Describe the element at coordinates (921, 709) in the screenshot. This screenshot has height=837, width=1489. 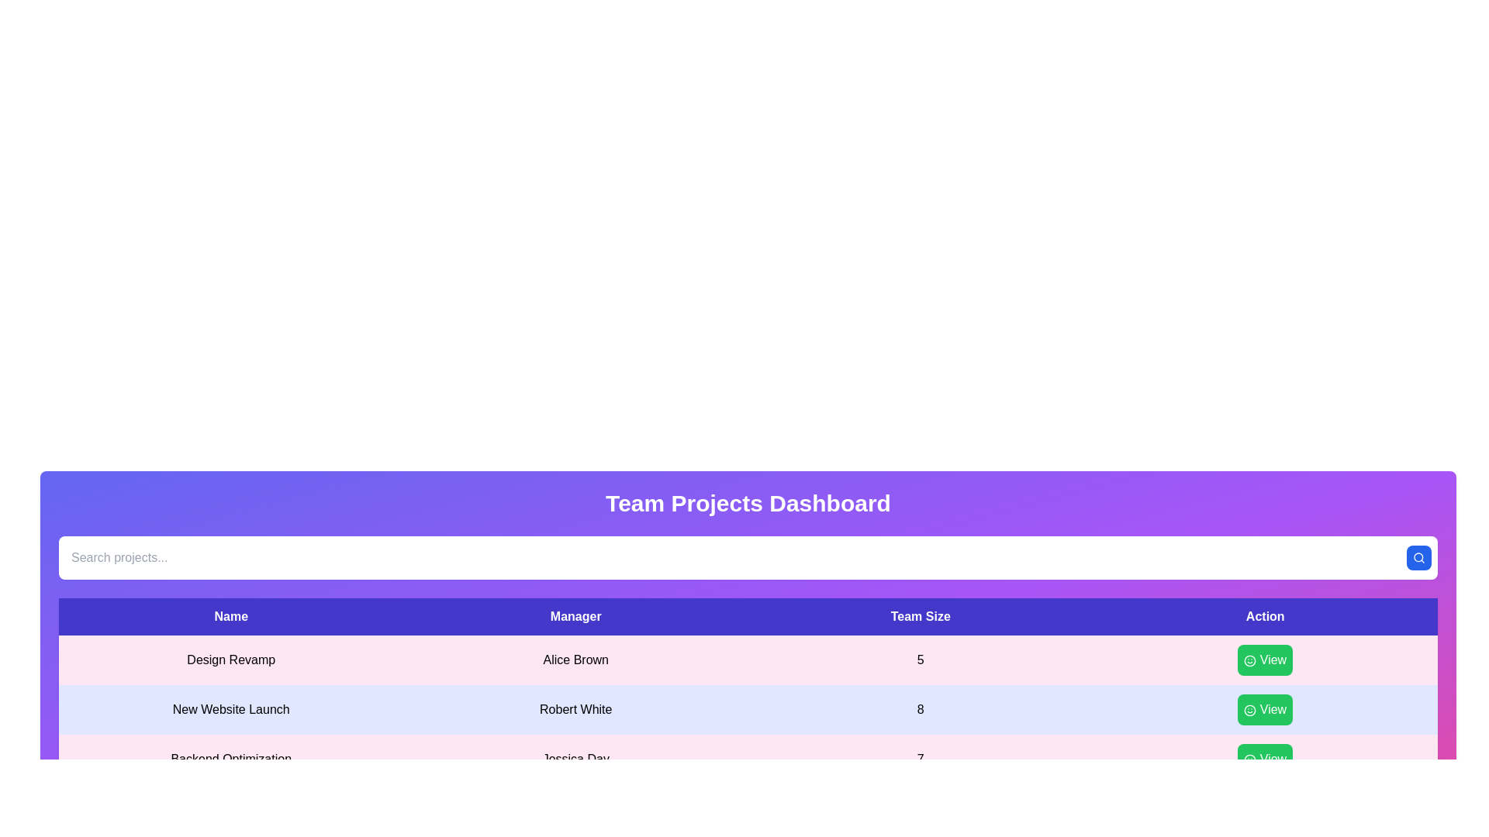
I see `the Text Label displaying the number '8' in bold typeface, located in the 'Team Size' column of the second row for the 'New Website Launch' project managed by 'Robert White'` at that location.